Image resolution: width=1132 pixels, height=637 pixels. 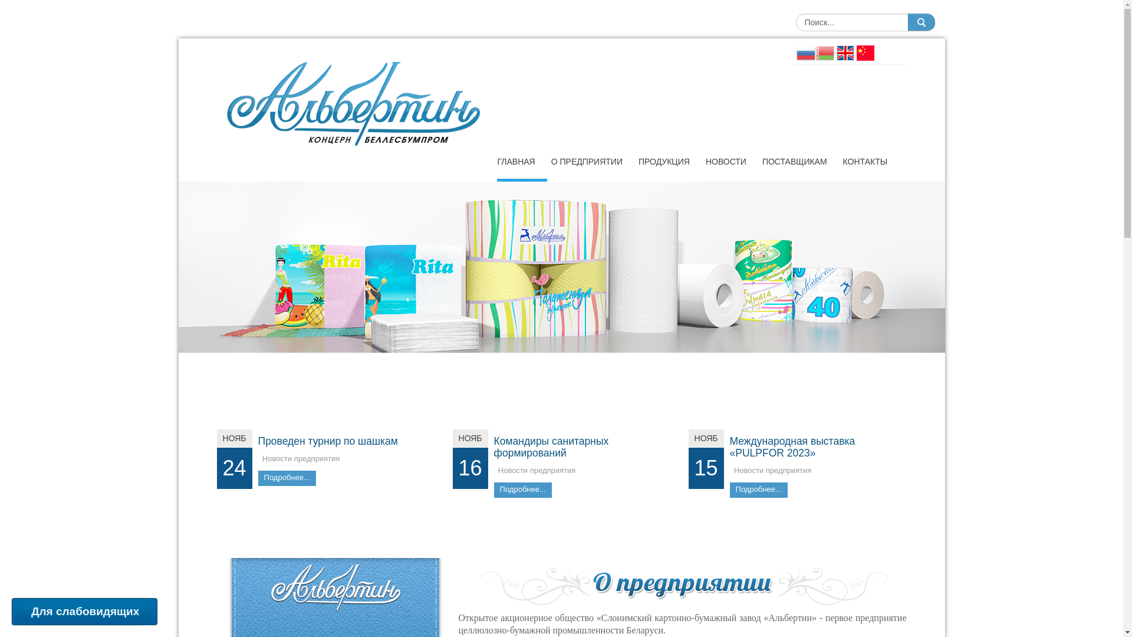 What do you see at coordinates (865, 51) in the screenshot?
I see `'Chinese'` at bounding box center [865, 51].